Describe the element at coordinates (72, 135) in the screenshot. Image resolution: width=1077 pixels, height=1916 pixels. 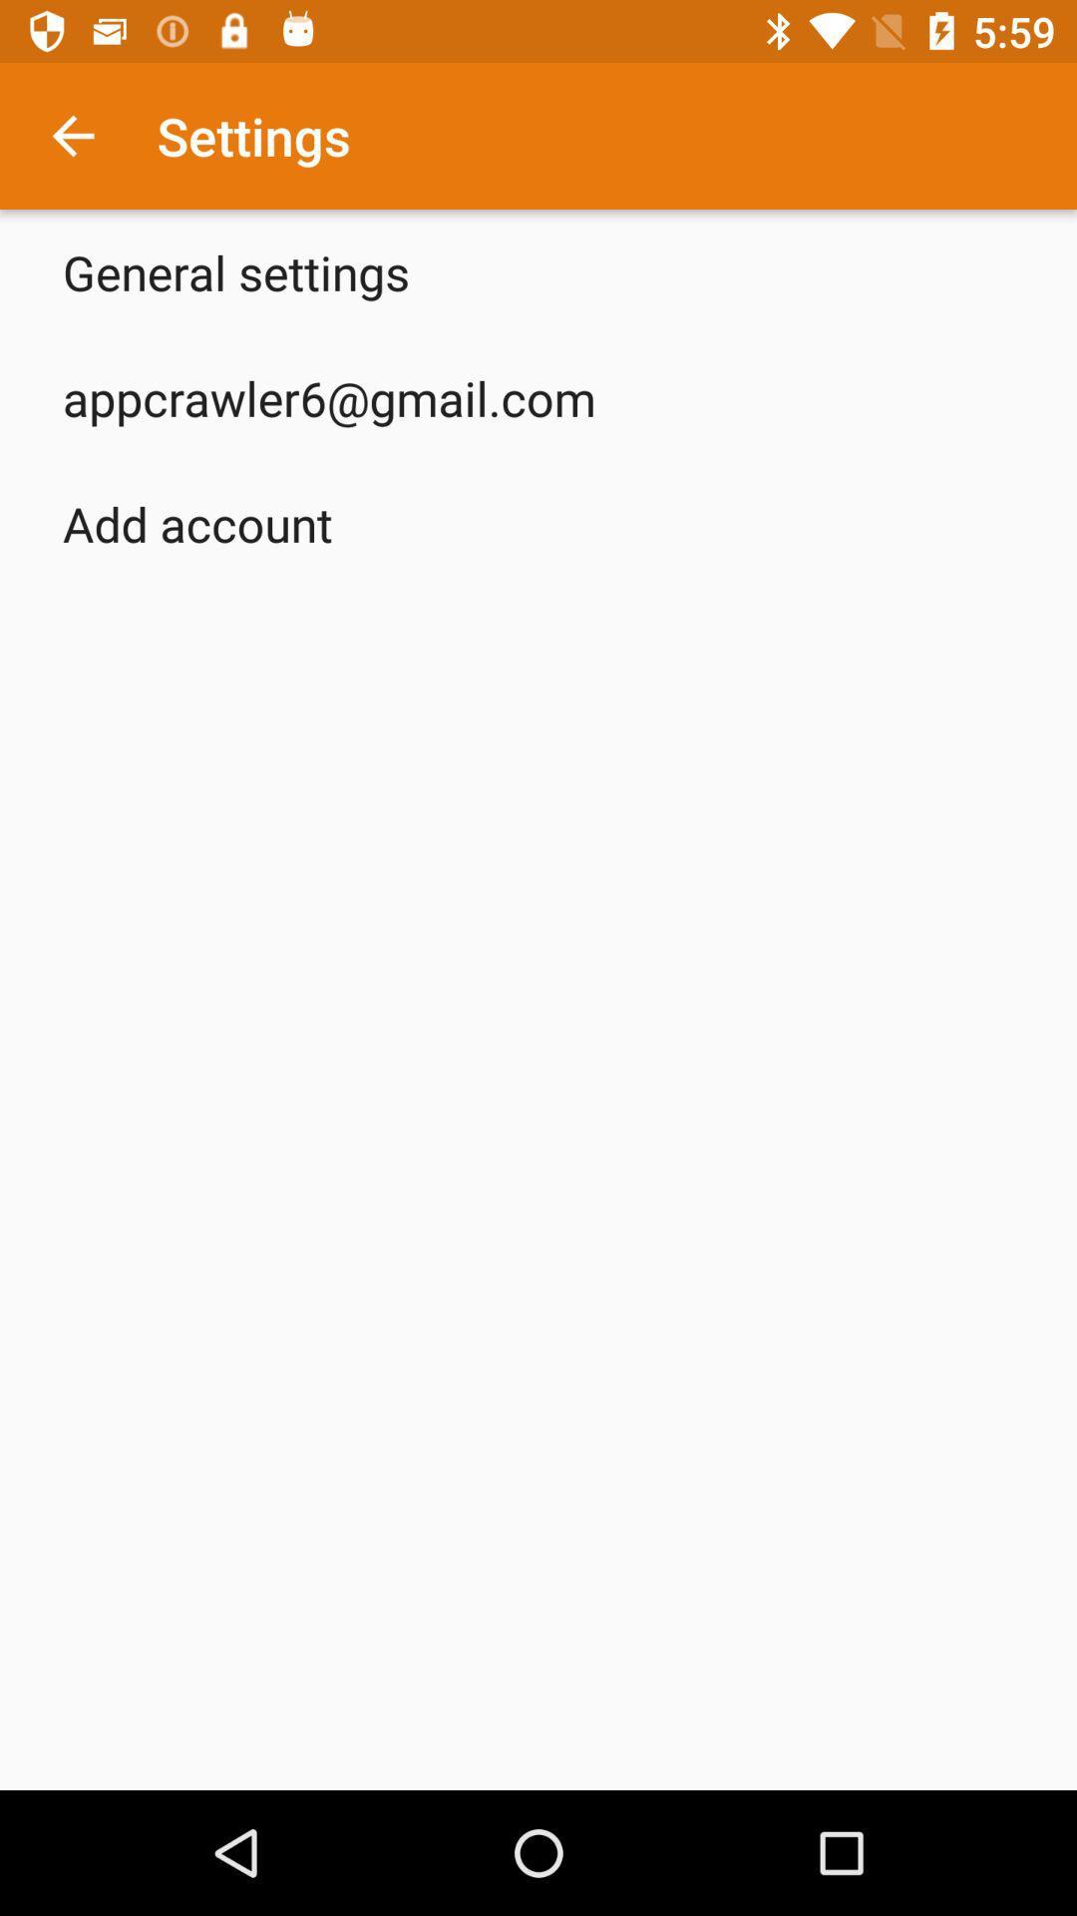
I see `the app above the general settings icon` at that location.